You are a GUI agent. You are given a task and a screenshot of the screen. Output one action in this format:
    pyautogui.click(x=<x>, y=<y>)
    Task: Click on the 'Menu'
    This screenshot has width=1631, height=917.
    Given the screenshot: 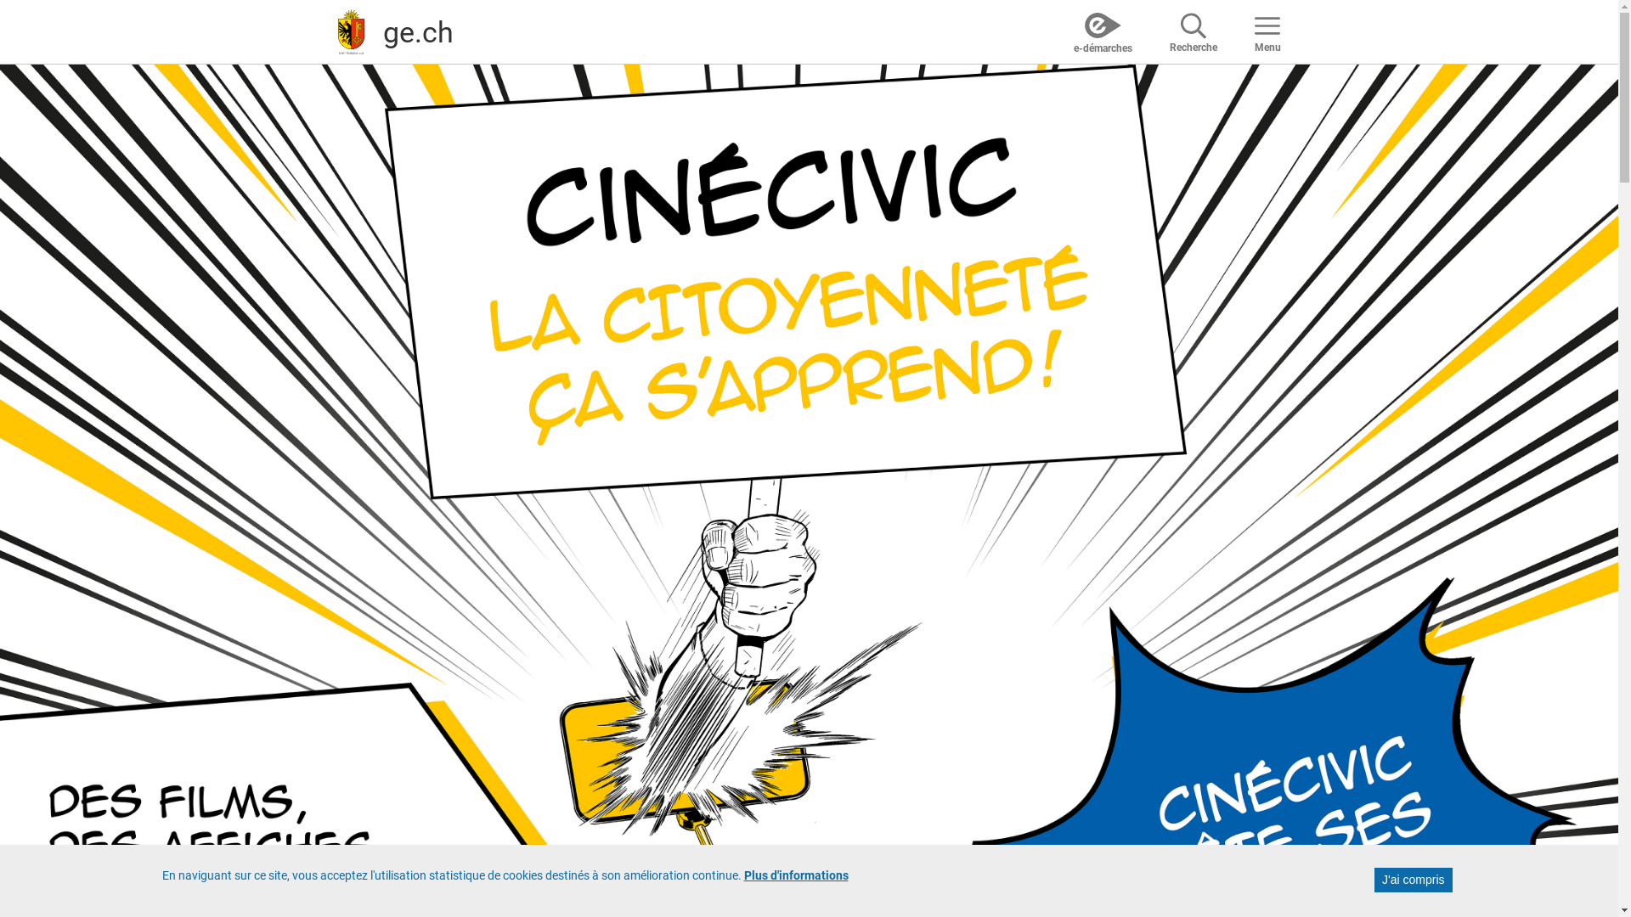 What is the action you would take?
    pyautogui.click(x=1267, y=31)
    